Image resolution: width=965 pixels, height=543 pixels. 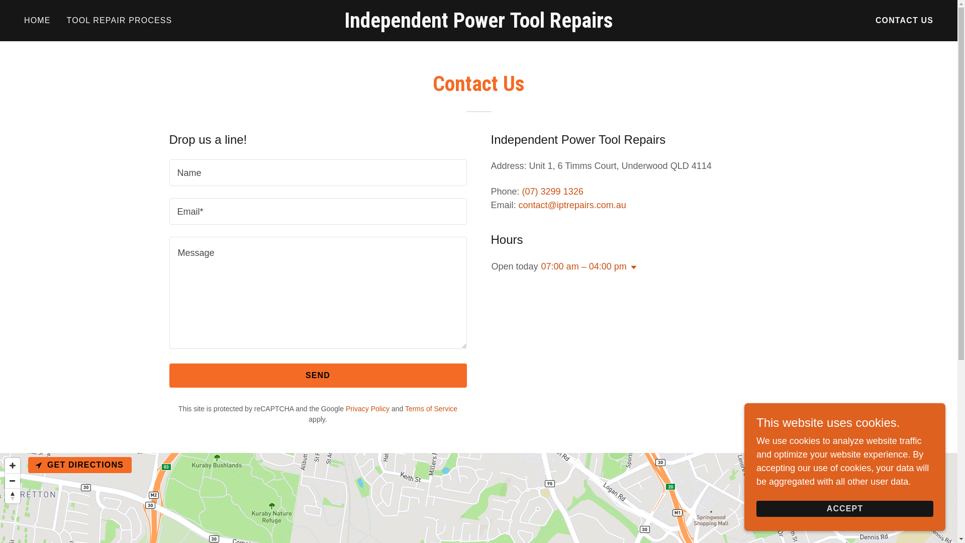 What do you see at coordinates (904, 21) in the screenshot?
I see `'CONTACT US'` at bounding box center [904, 21].